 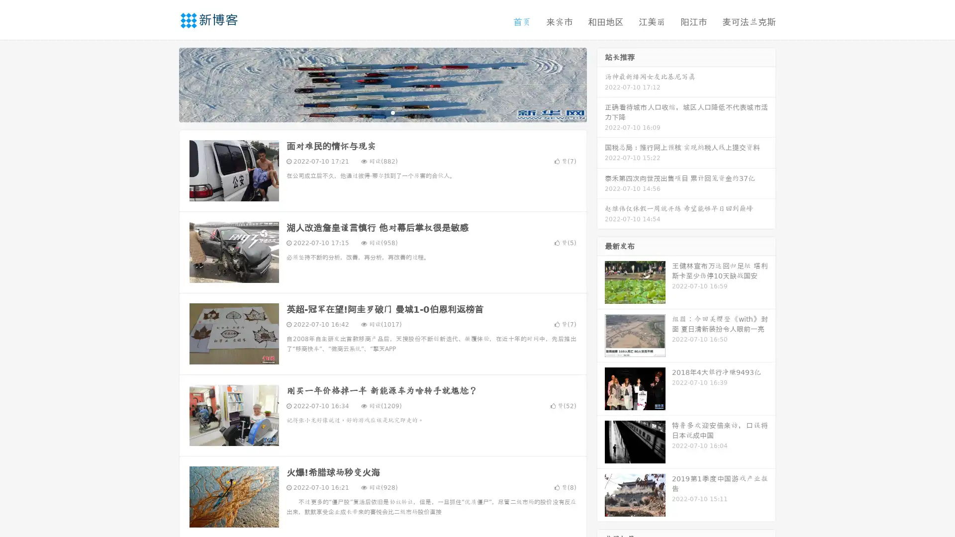 What do you see at coordinates (601, 84) in the screenshot?
I see `Next slide` at bounding box center [601, 84].